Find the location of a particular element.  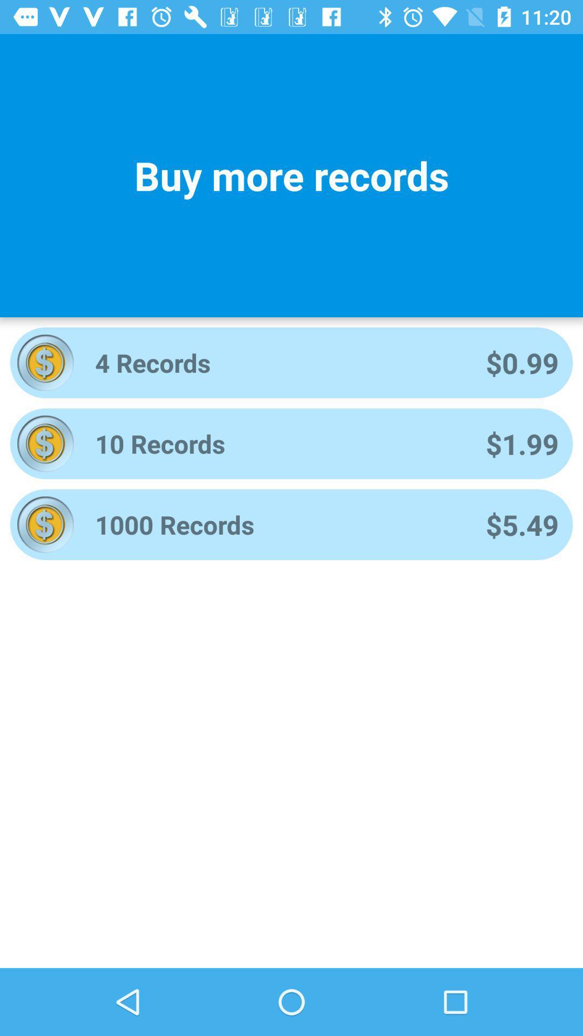

the 10 records app is located at coordinates (275, 444).